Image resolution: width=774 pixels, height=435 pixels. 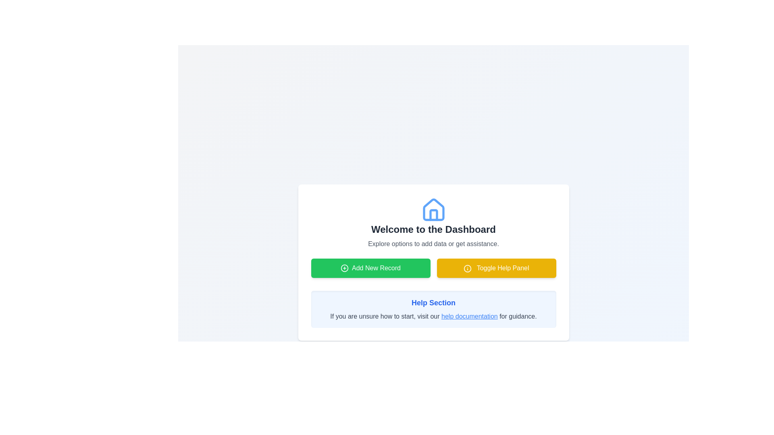 What do you see at coordinates (344, 268) in the screenshot?
I see `the icon located inside the green button labeled 'Add New Record', which supports the action of adding a new record` at bounding box center [344, 268].